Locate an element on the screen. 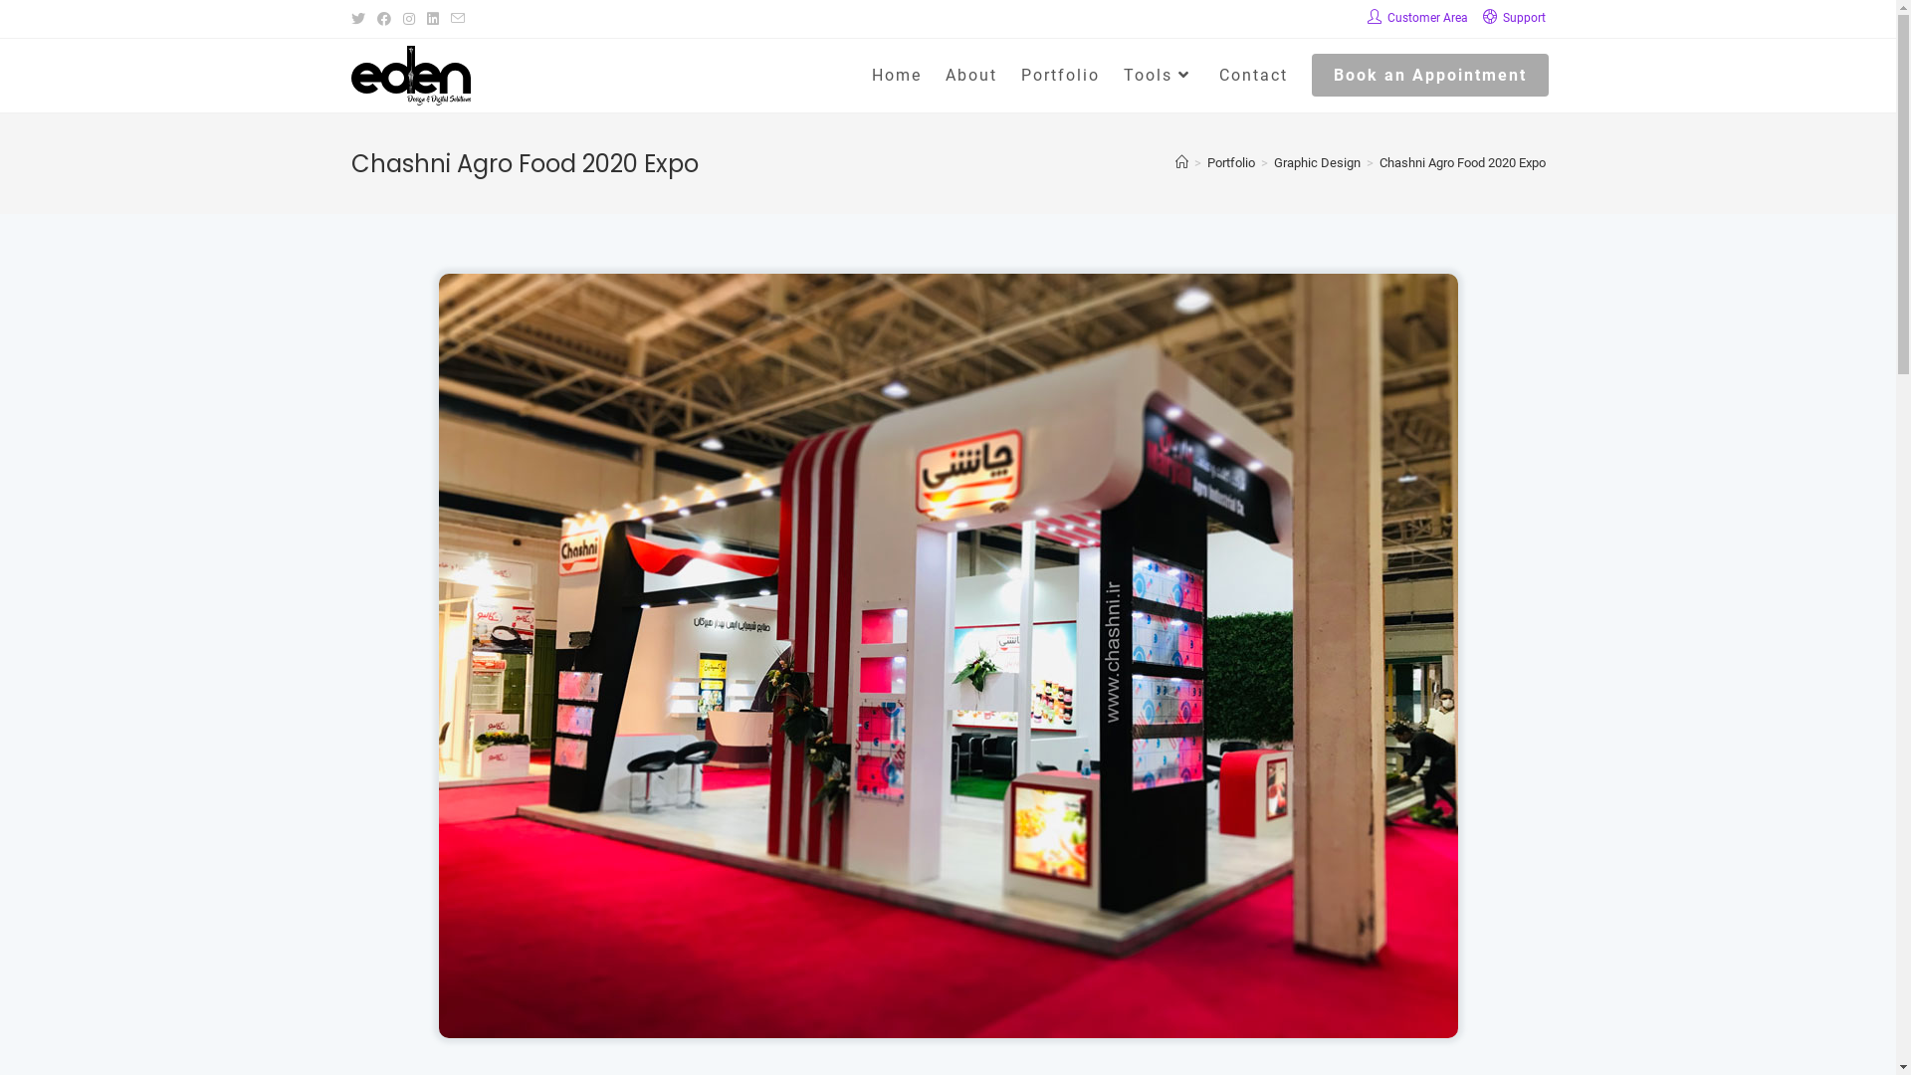  'Tools' is located at coordinates (1110, 75).